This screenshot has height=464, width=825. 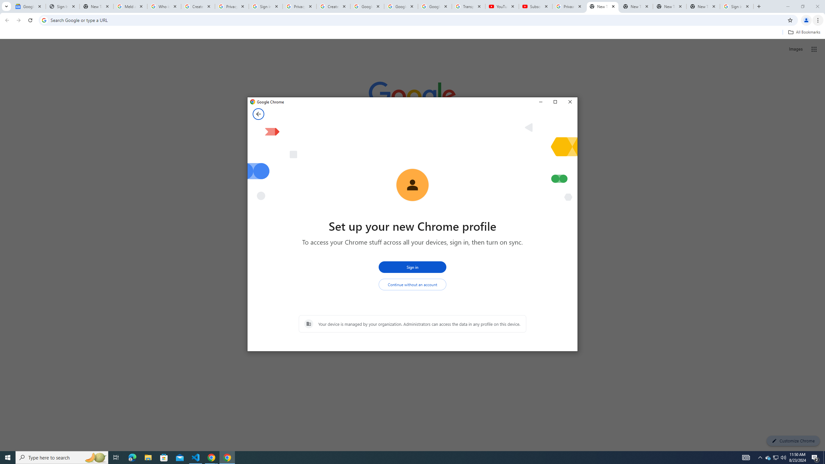 I want to click on 'Running applications', so click(x=406, y=457).